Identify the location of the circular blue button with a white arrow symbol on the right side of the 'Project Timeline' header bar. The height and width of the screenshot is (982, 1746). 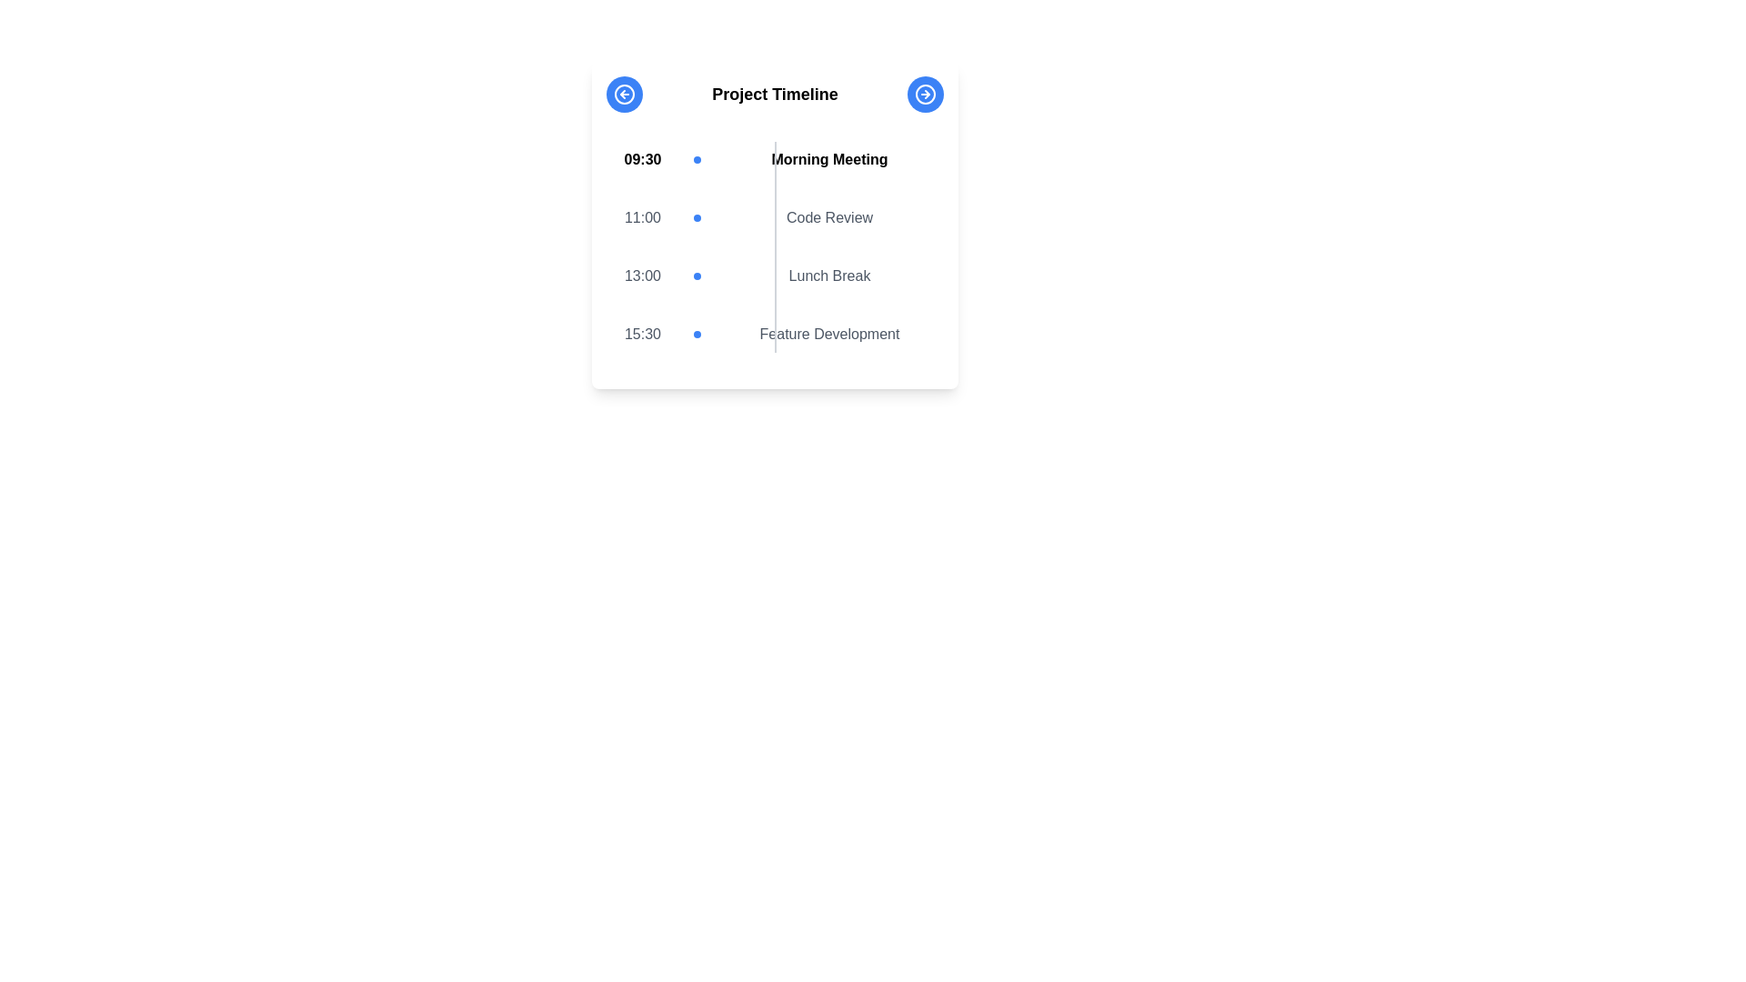
(925, 95).